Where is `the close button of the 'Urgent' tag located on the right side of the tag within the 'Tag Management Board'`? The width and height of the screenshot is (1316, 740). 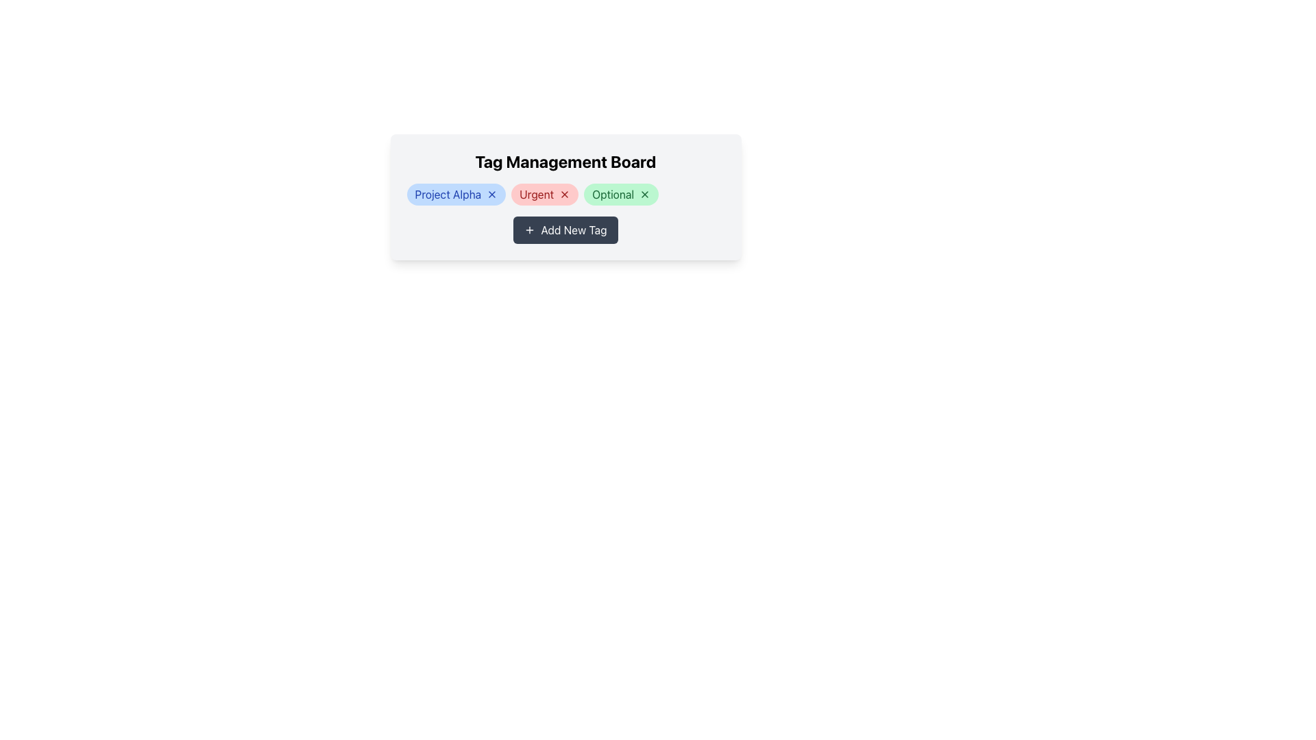 the close button of the 'Urgent' tag located on the right side of the tag within the 'Tag Management Board' is located at coordinates (565, 195).